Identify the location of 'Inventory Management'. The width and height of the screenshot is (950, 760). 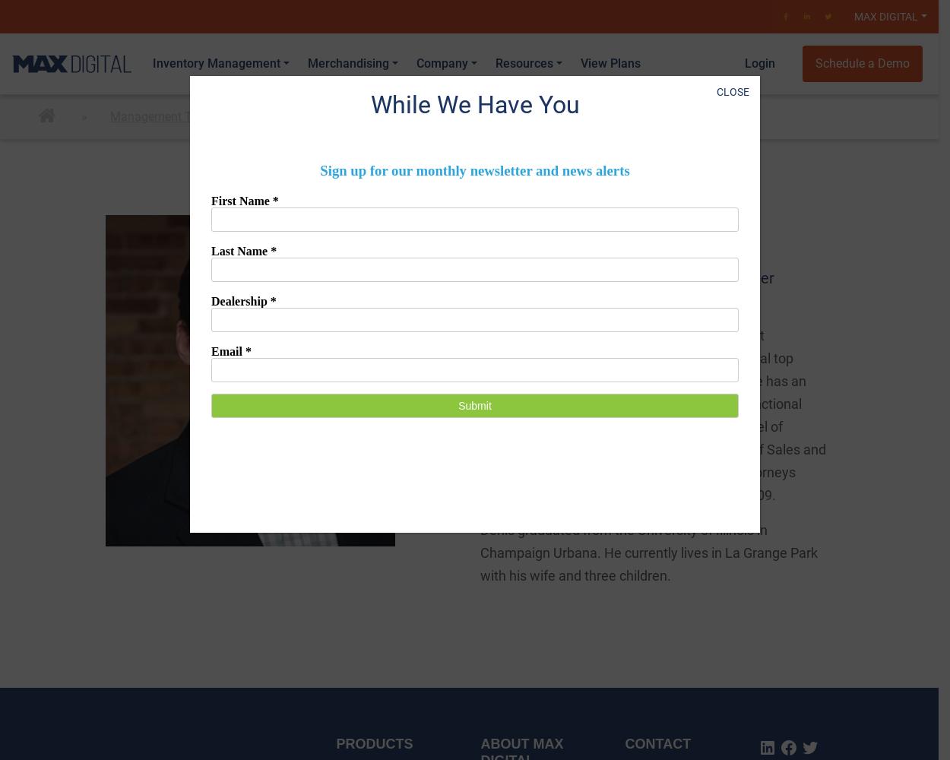
(216, 62).